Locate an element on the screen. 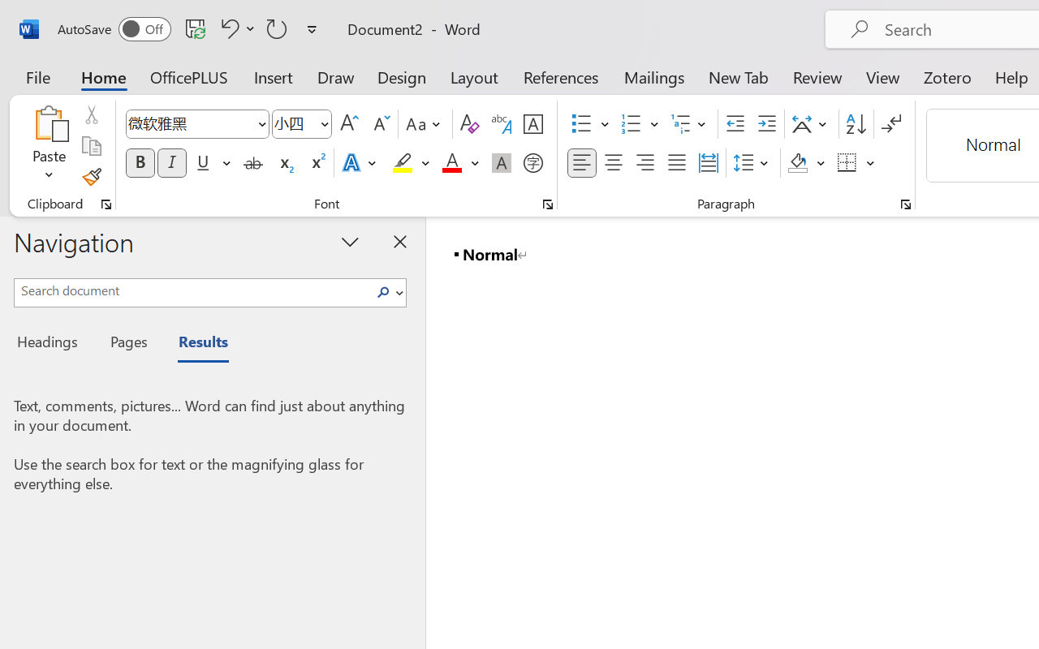  'Font...' is located at coordinates (548, 204).